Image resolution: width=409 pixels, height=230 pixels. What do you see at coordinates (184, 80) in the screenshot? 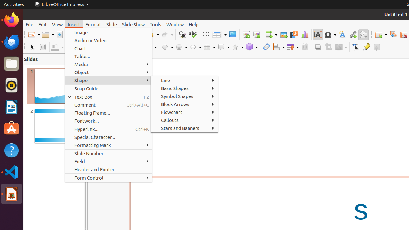
I see `'Line'` at bounding box center [184, 80].